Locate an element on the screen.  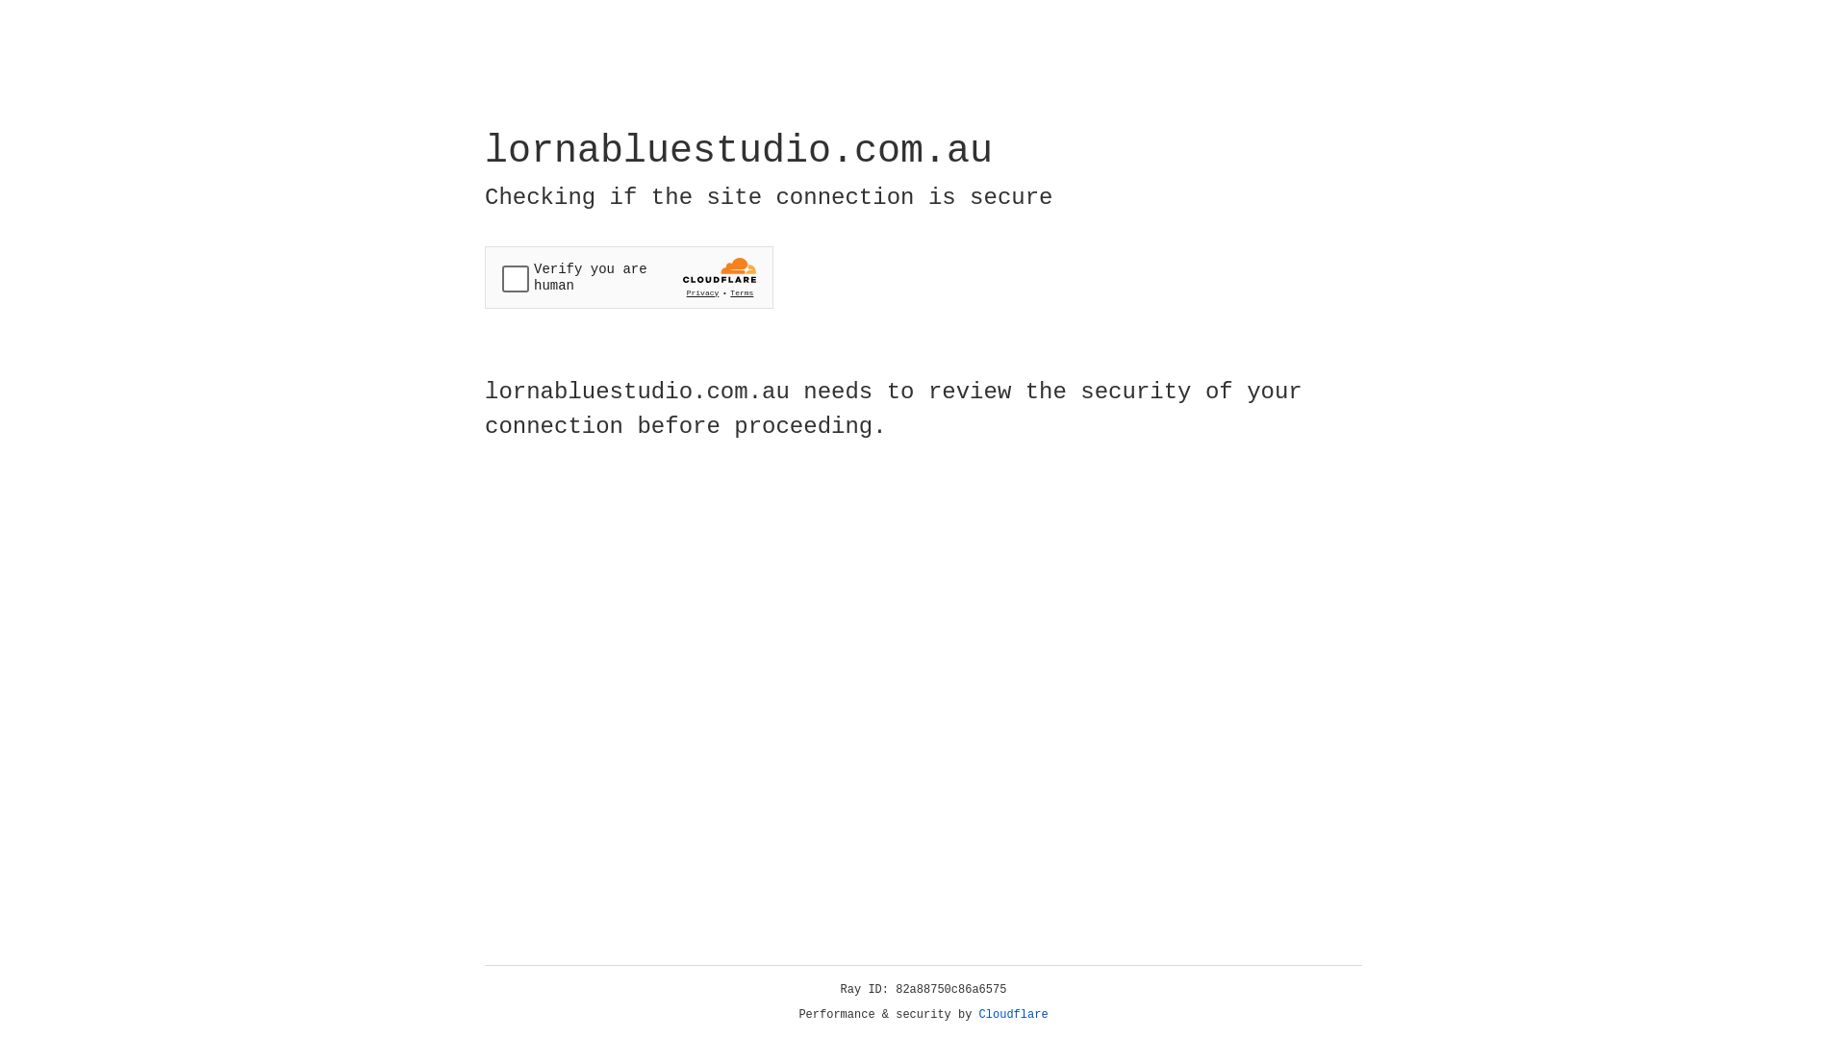
'Cloudflare' is located at coordinates (1013, 1014).